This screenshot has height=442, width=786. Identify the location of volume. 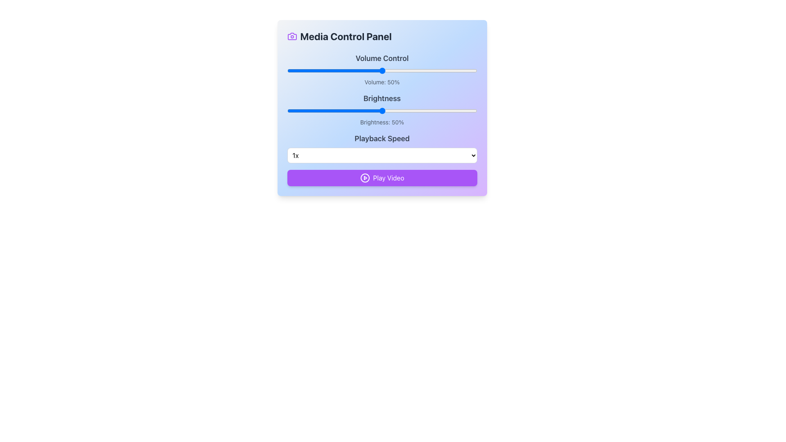
(437, 70).